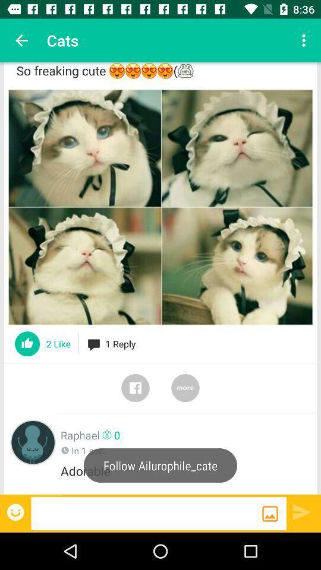  Describe the element at coordinates (16, 511) in the screenshot. I see `emojis` at that location.